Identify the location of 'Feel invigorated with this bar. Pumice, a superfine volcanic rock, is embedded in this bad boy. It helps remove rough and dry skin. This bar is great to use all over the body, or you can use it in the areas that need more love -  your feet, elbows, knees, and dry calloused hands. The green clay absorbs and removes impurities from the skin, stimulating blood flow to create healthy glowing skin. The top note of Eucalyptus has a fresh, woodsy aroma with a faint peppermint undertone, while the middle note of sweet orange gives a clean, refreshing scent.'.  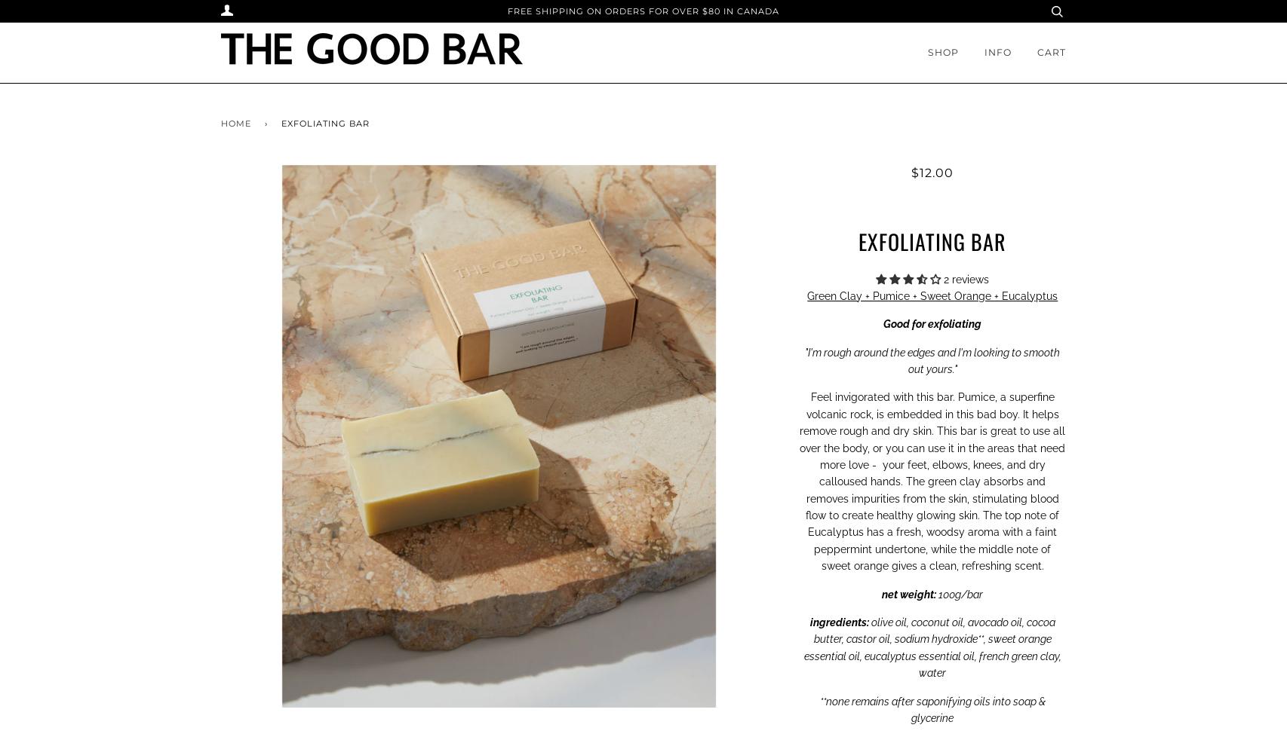
(932, 480).